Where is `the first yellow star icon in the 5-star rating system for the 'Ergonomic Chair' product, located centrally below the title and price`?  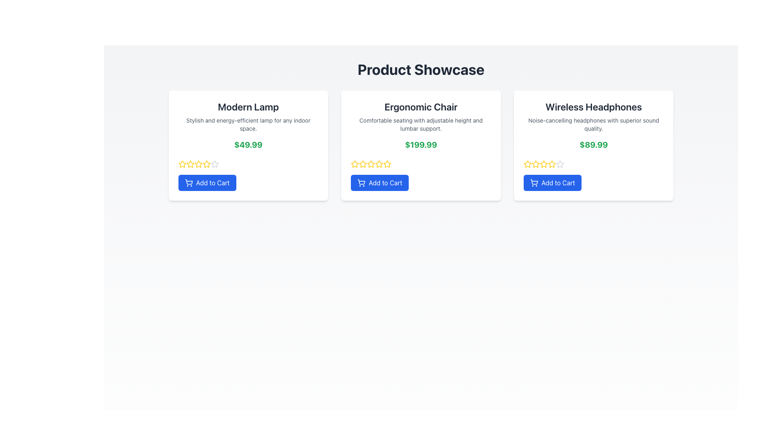
the first yellow star icon in the 5-star rating system for the 'Ergonomic Chair' product, located centrally below the title and price is located at coordinates (355, 164).